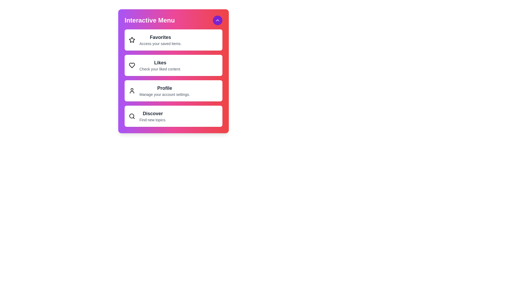  I want to click on the menu item Profile from the interactive menu, so click(173, 91).